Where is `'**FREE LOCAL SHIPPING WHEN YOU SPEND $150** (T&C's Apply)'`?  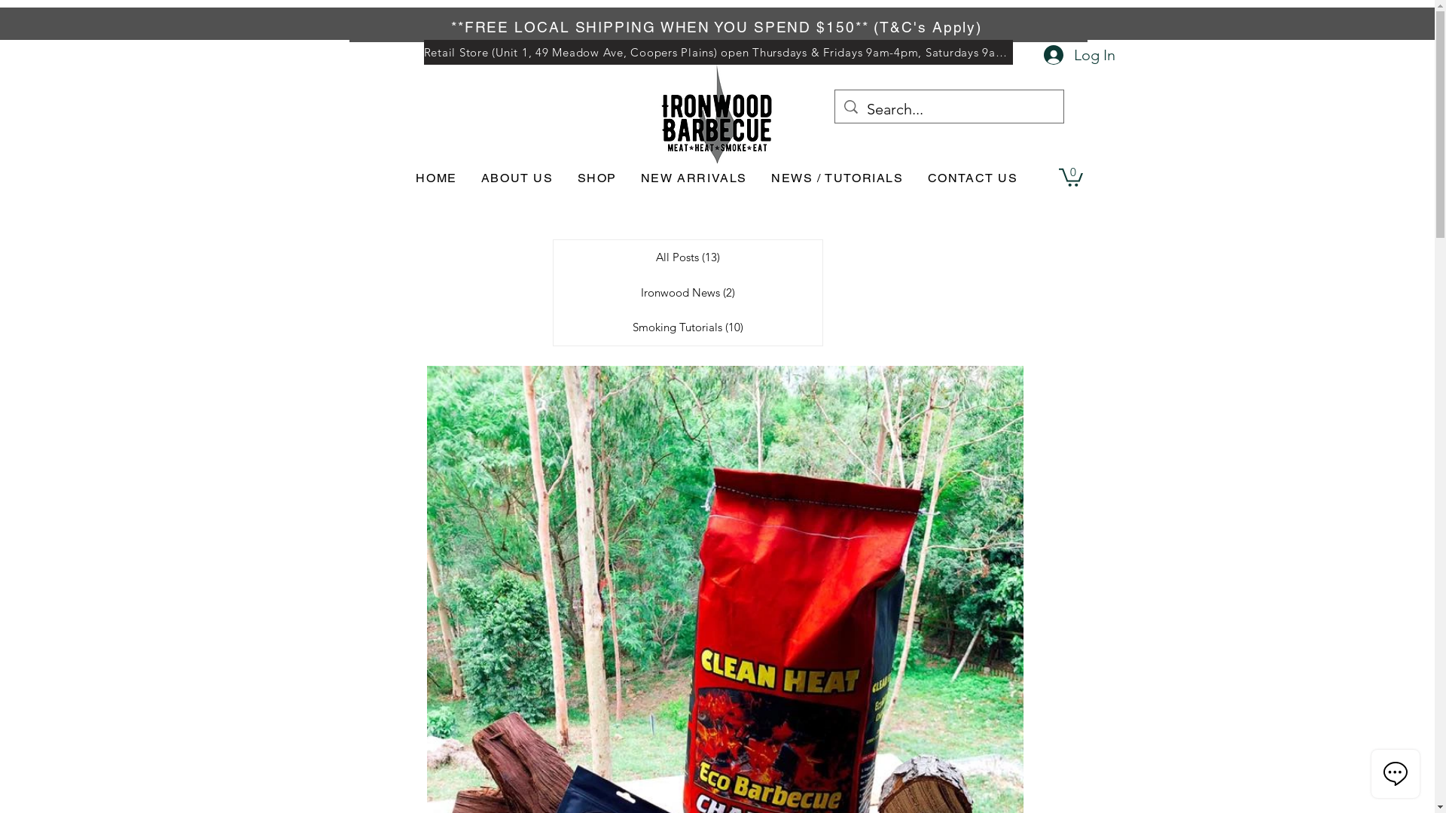
'**FREE LOCAL SHIPPING WHEN YOU SPEND $150** (T&C's Apply)' is located at coordinates (718, 26).